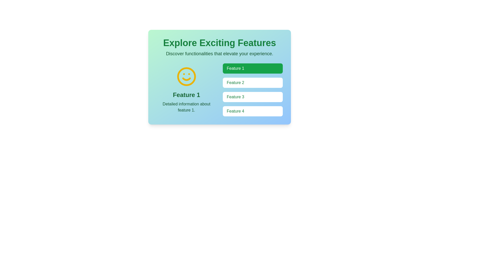  Describe the element at coordinates (219, 43) in the screenshot. I see `the large, bold text label displaying 'Explore Exciting Features' in green color, located prominently at the top of the card-like interface` at that location.